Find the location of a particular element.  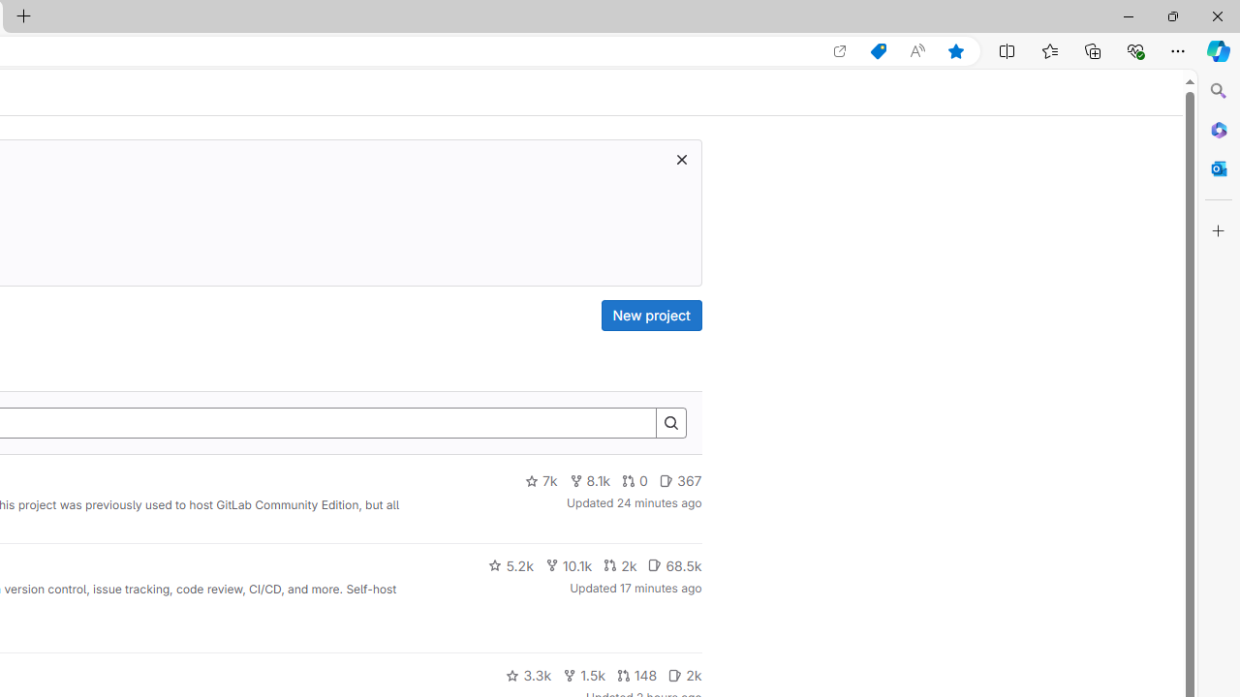

'Close Outlook pane' is located at coordinates (1218, 167).